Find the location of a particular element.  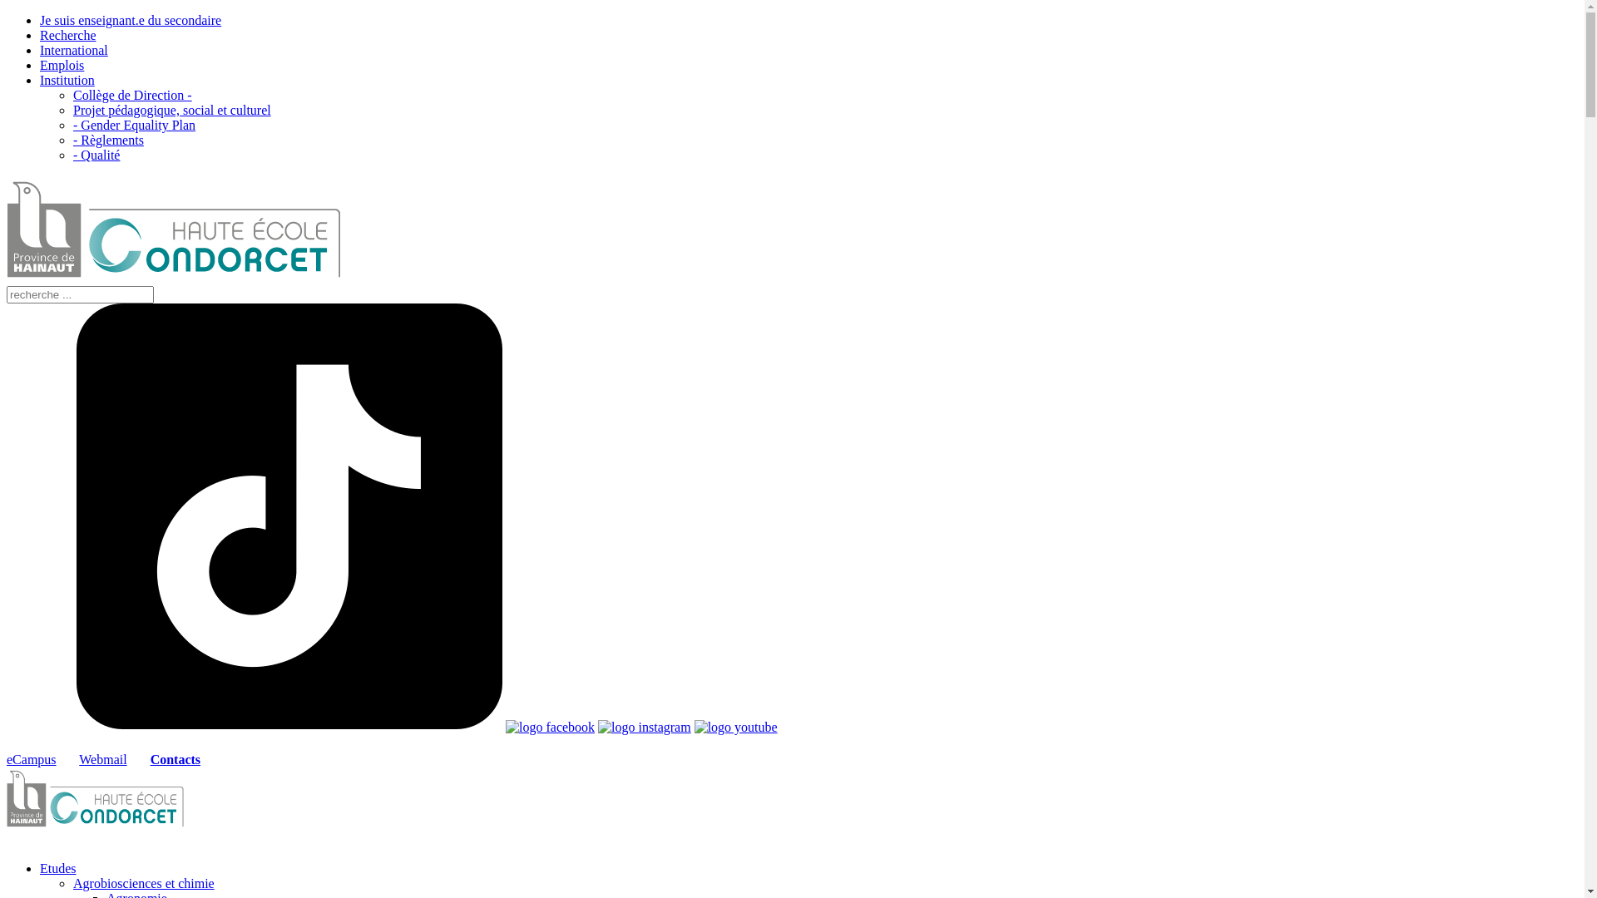

'Webmail' is located at coordinates (101, 759).